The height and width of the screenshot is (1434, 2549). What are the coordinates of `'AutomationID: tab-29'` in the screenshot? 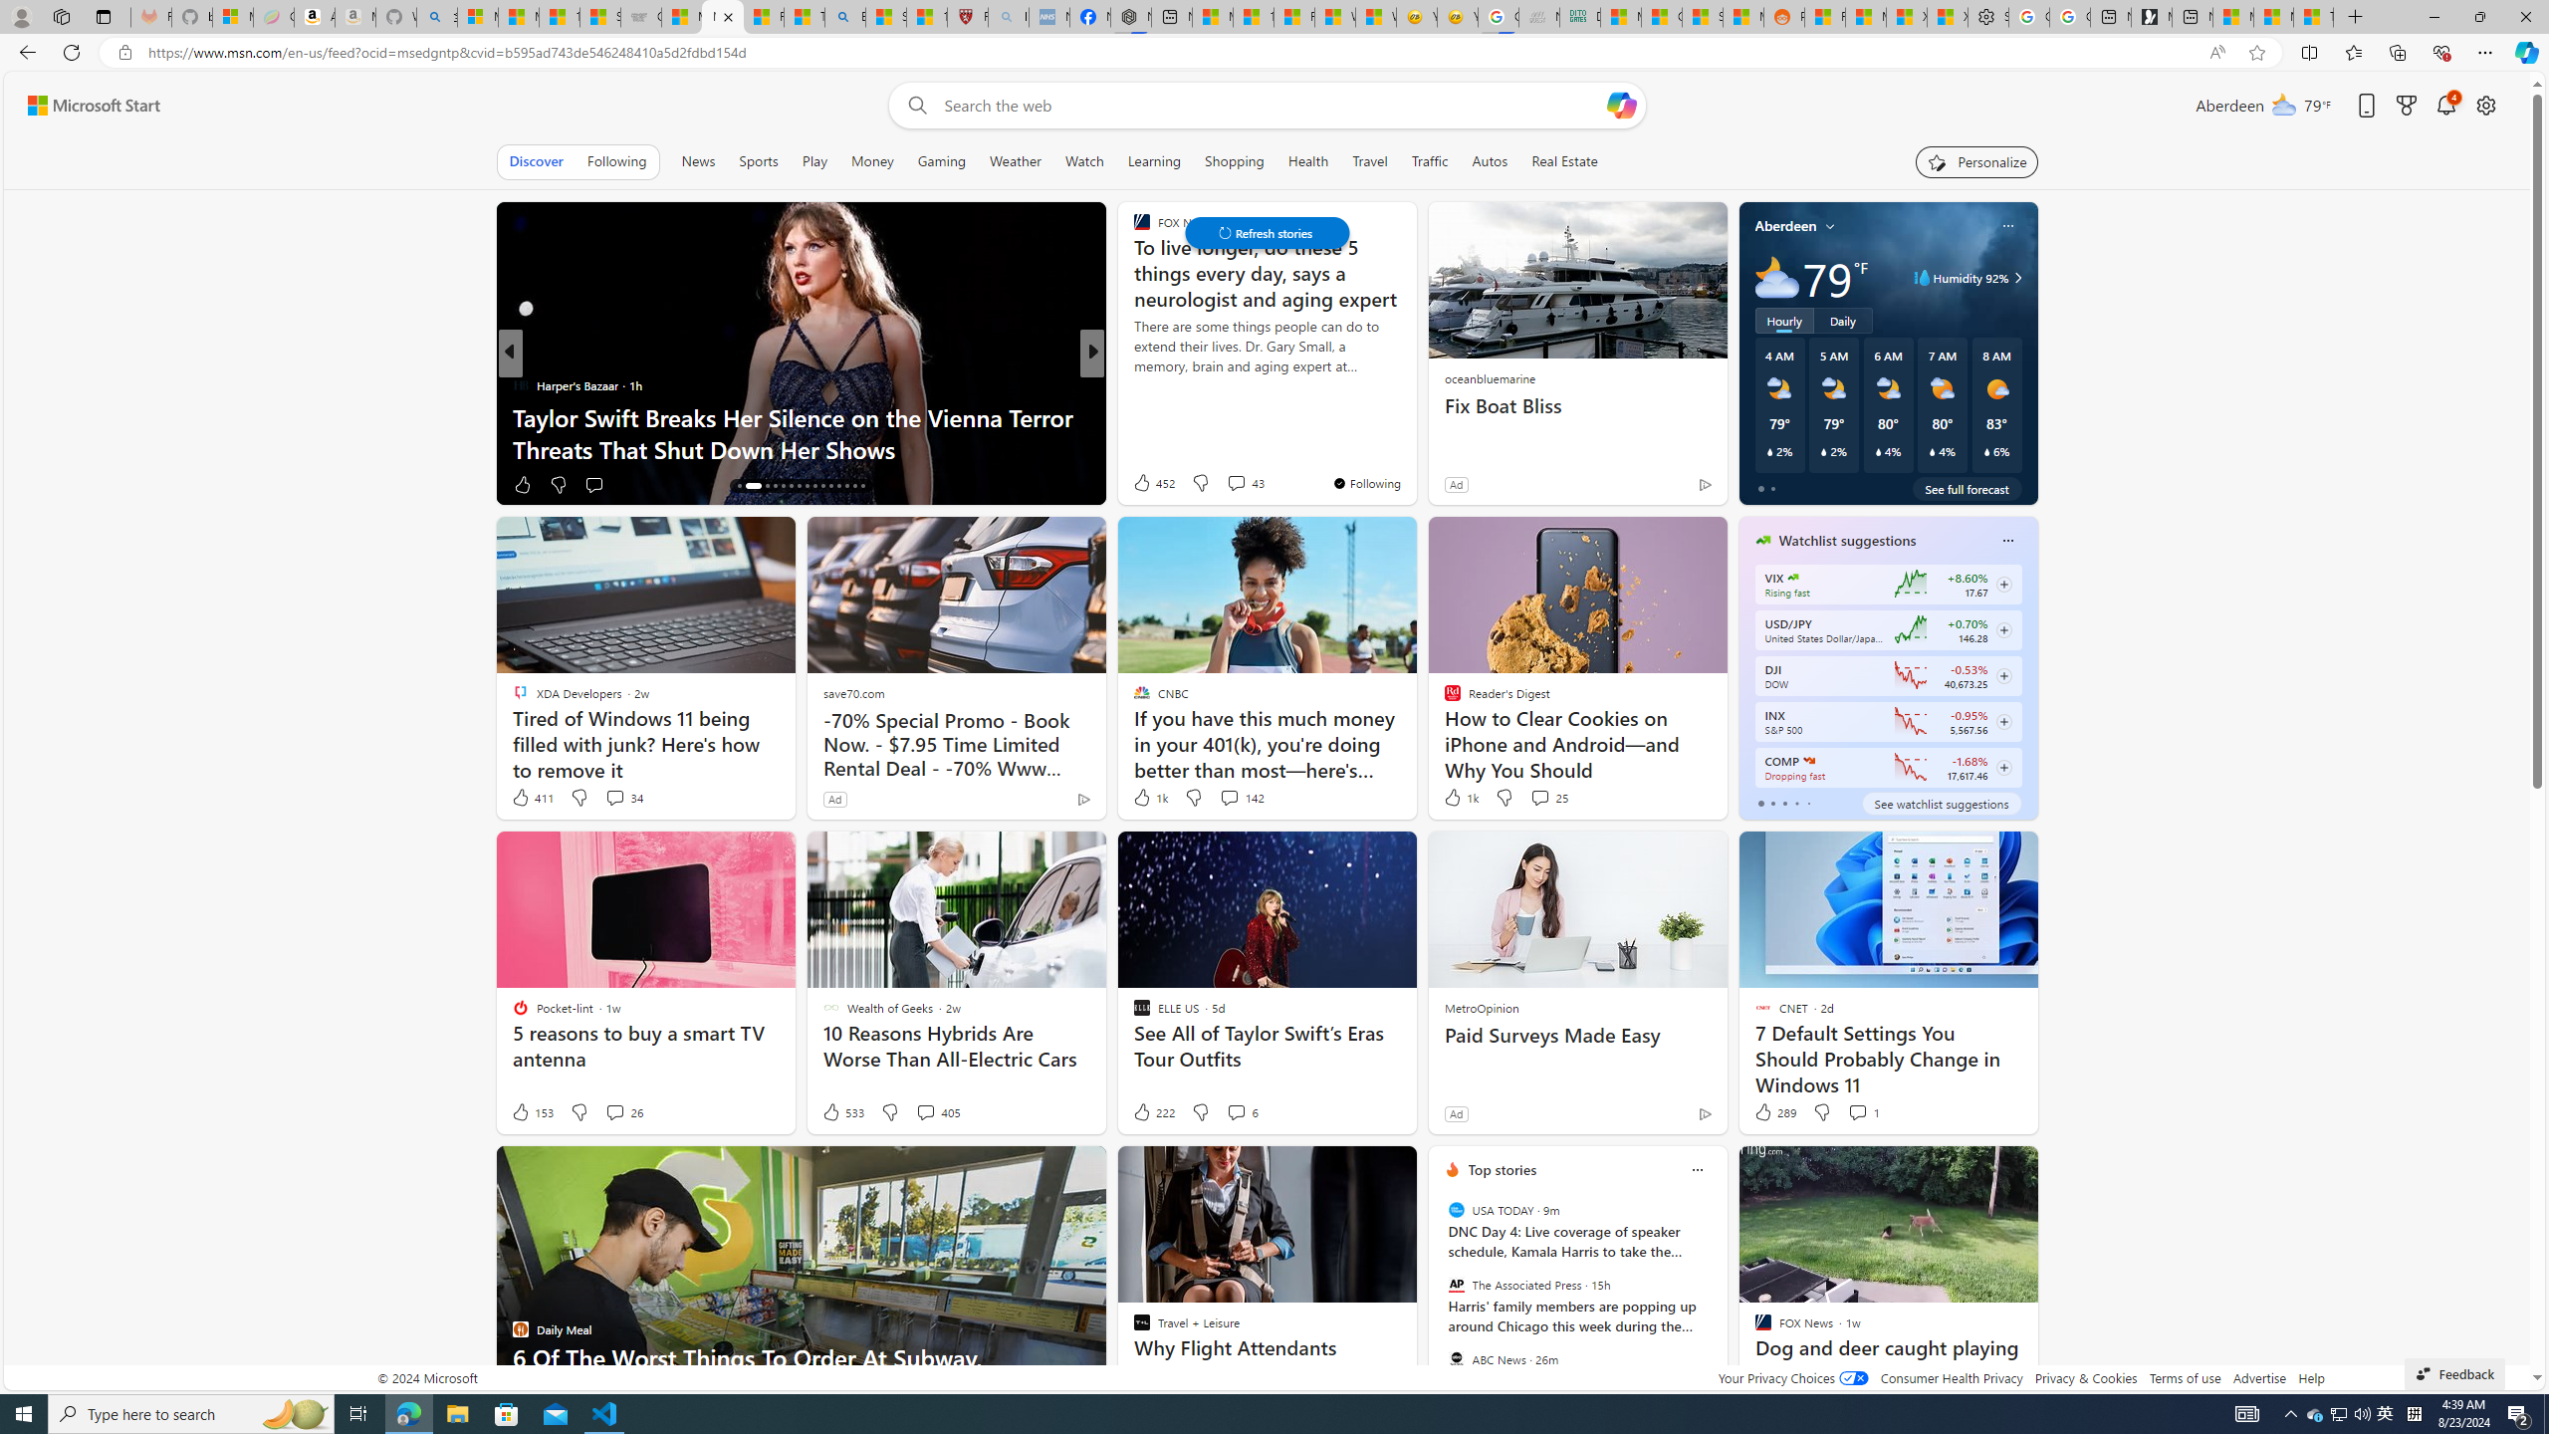 It's located at (853, 485).